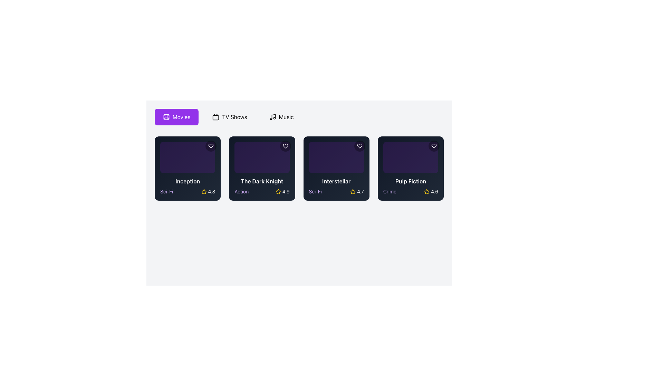 Image resolution: width=663 pixels, height=373 pixels. Describe the element at coordinates (434, 191) in the screenshot. I see `numeric text displaying the rating for the movie 'Pulp Fiction', located next to the yellow star icon in the fourth column of the movie cards` at that location.